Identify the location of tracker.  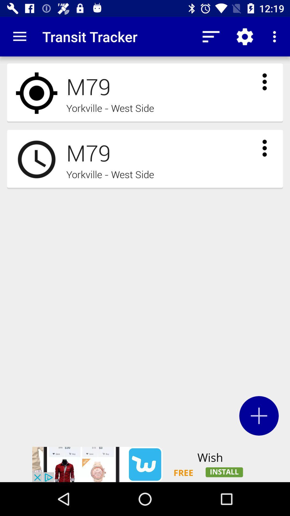
(259, 415).